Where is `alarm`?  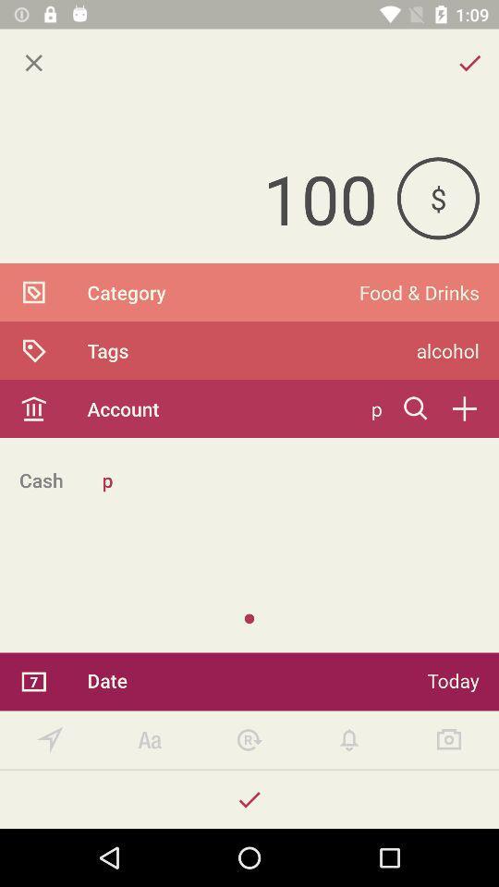 alarm is located at coordinates (349, 740).